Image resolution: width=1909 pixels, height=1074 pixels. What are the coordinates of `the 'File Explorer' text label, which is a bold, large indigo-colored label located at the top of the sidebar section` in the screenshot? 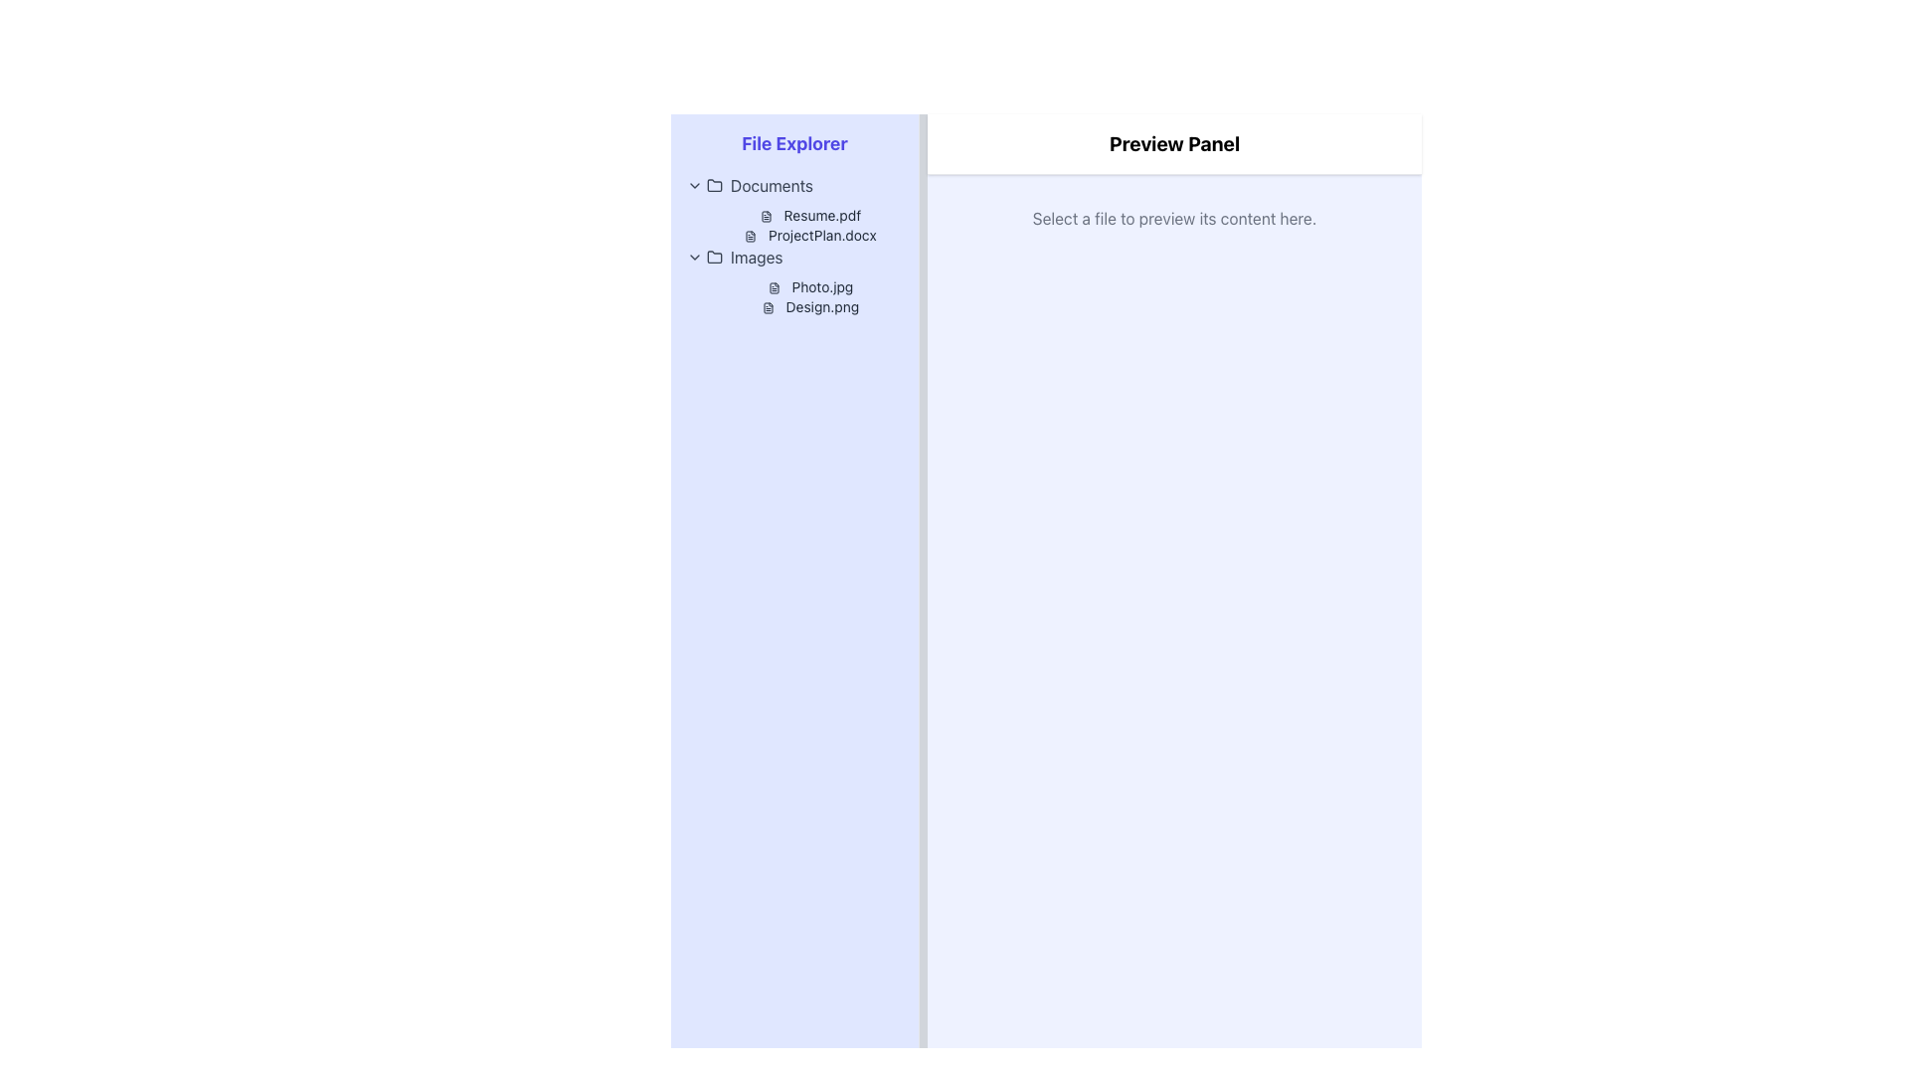 It's located at (793, 143).